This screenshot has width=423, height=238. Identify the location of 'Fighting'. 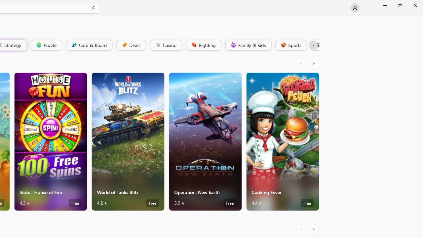
(203, 45).